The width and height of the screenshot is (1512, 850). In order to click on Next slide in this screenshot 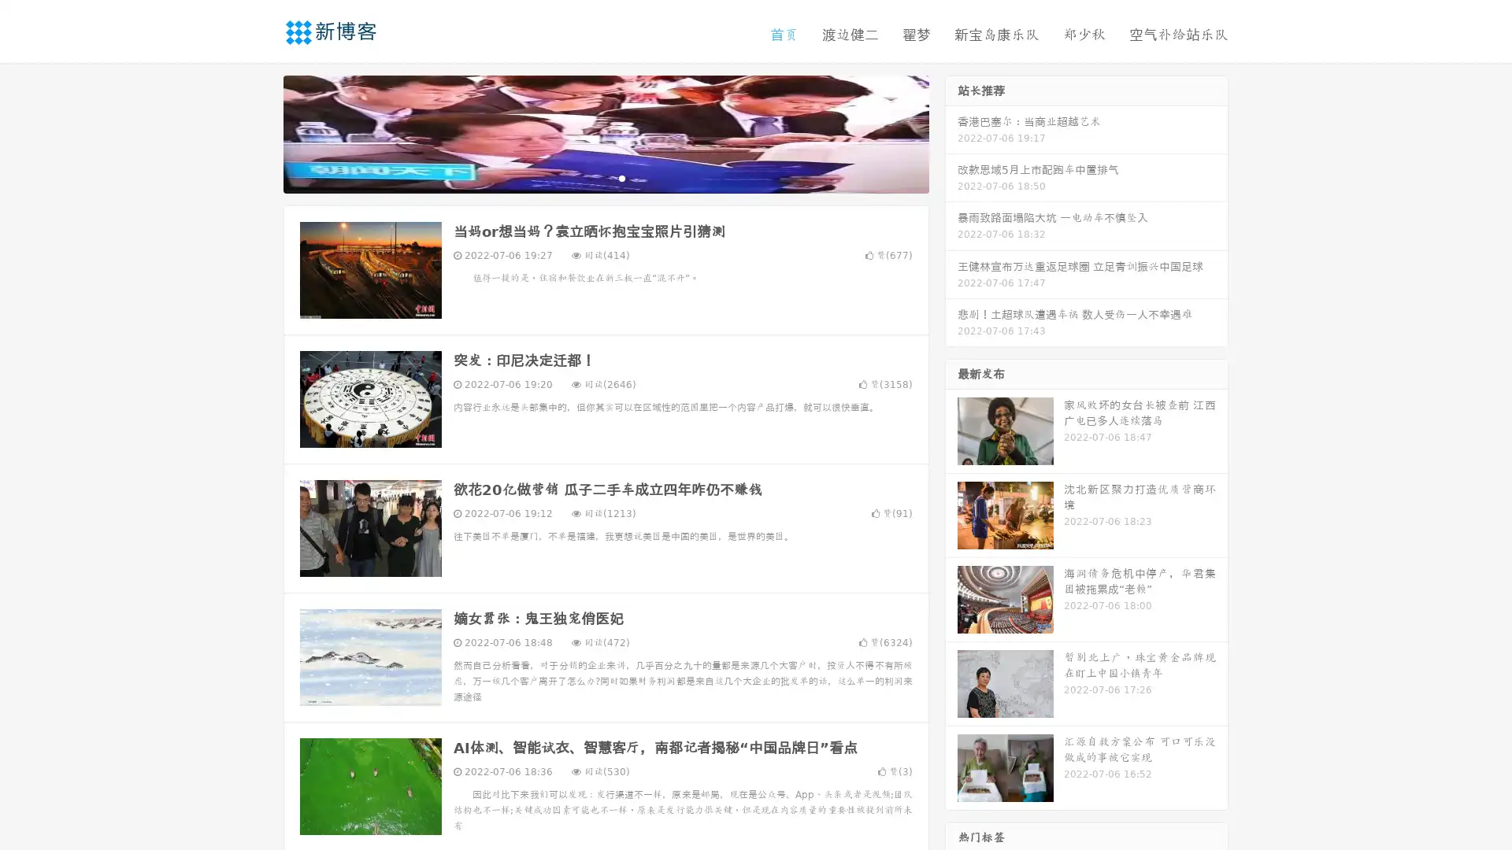, I will do `click(951, 132)`.